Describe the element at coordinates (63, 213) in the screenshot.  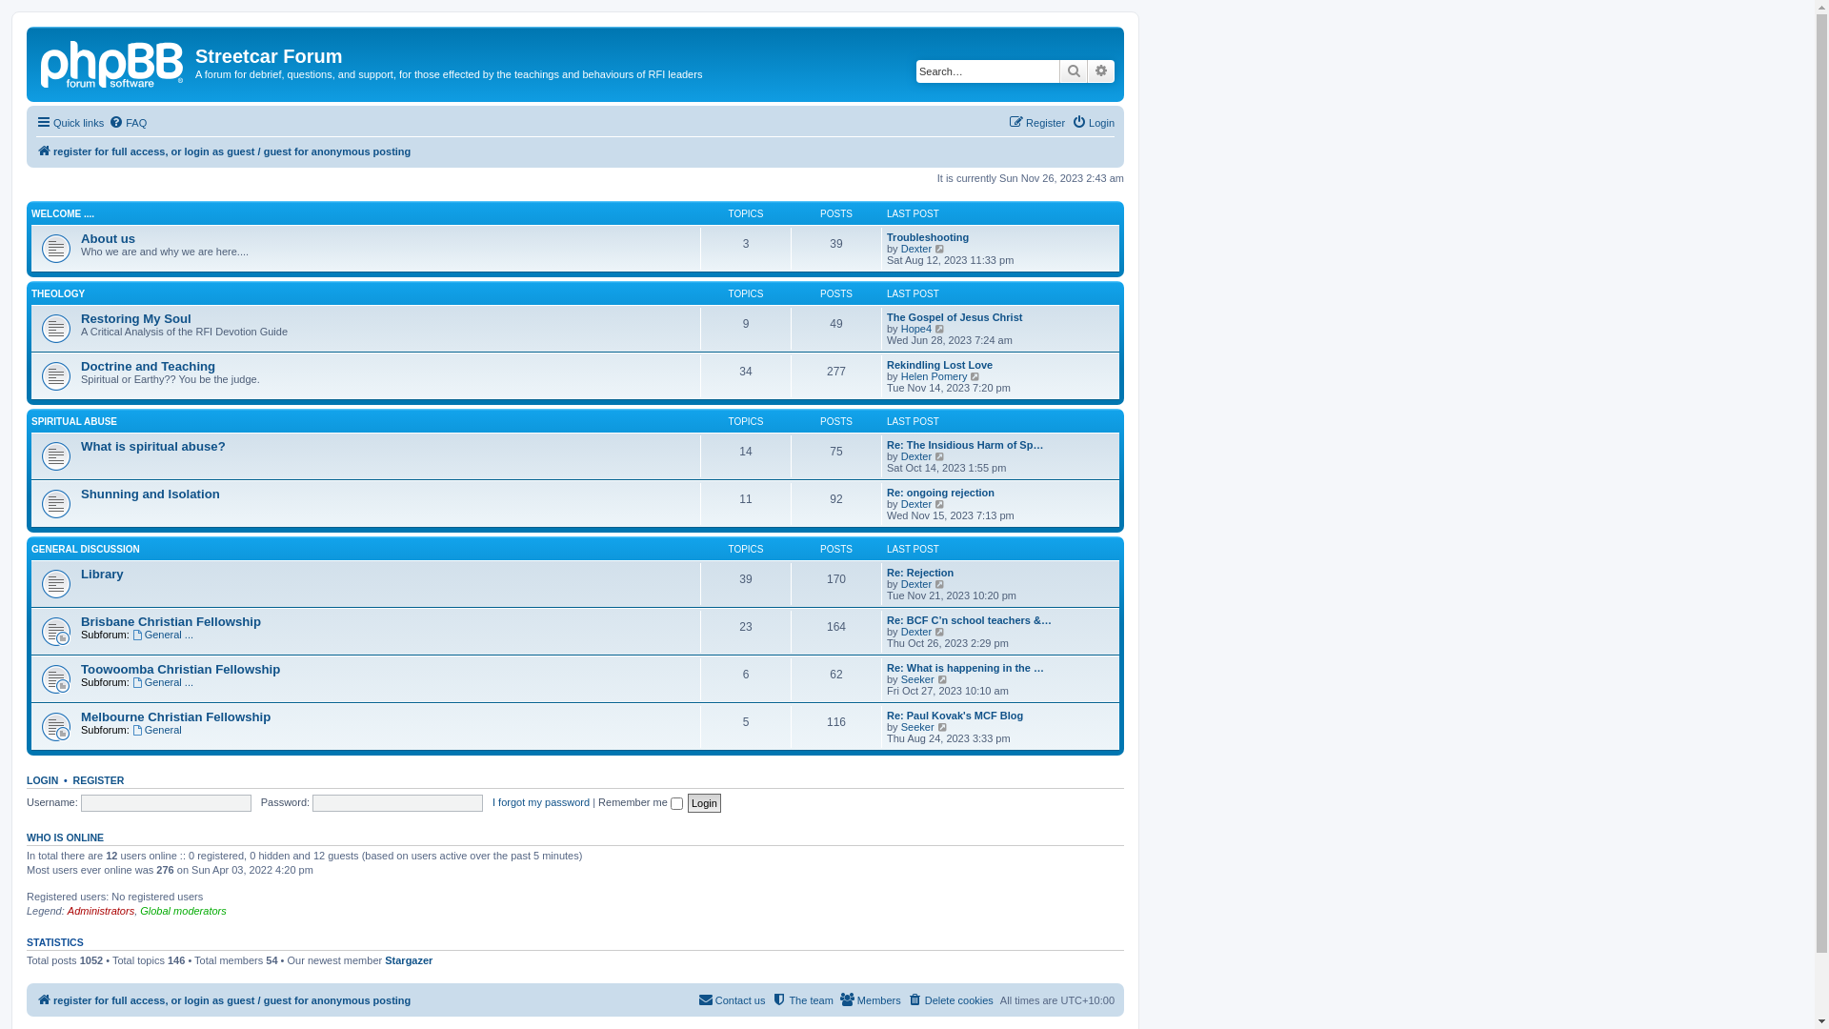
I see `'WELCOME ....'` at that location.